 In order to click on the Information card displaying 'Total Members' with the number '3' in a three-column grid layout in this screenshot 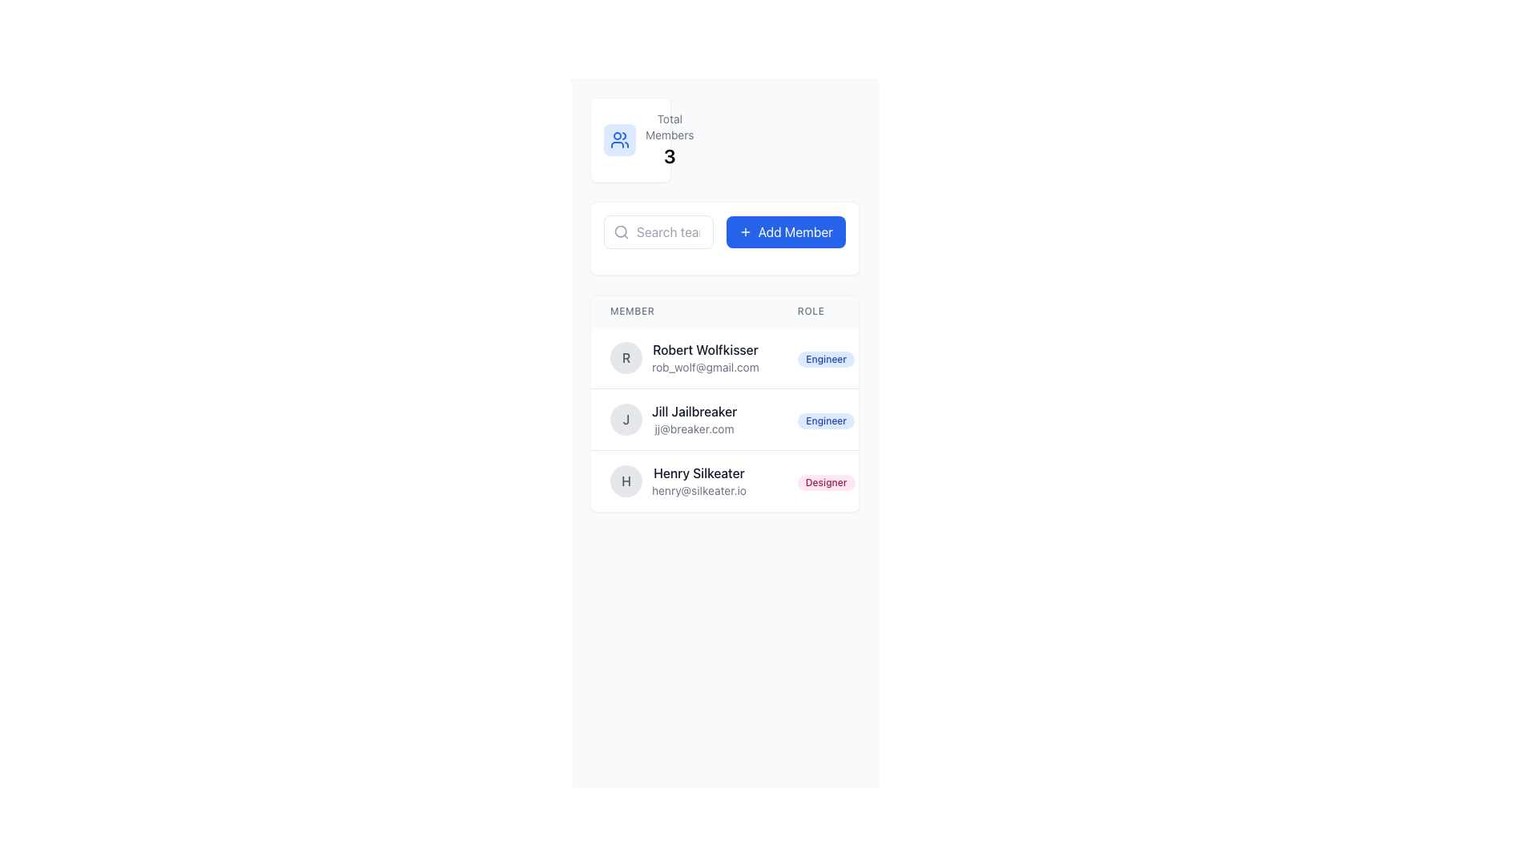, I will do `click(630, 139)`.